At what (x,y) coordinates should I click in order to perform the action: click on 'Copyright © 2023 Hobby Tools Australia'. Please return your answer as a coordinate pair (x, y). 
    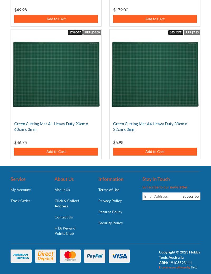
    Looking at the image, I should click on (179, 254).